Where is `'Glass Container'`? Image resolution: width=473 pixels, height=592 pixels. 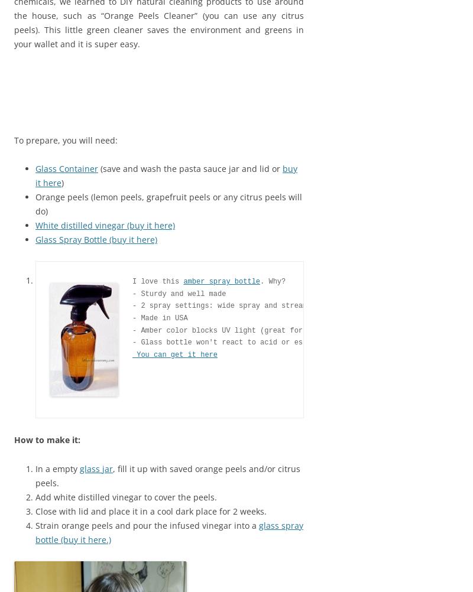
'Glass Container' is located at coordinates (66, 168).